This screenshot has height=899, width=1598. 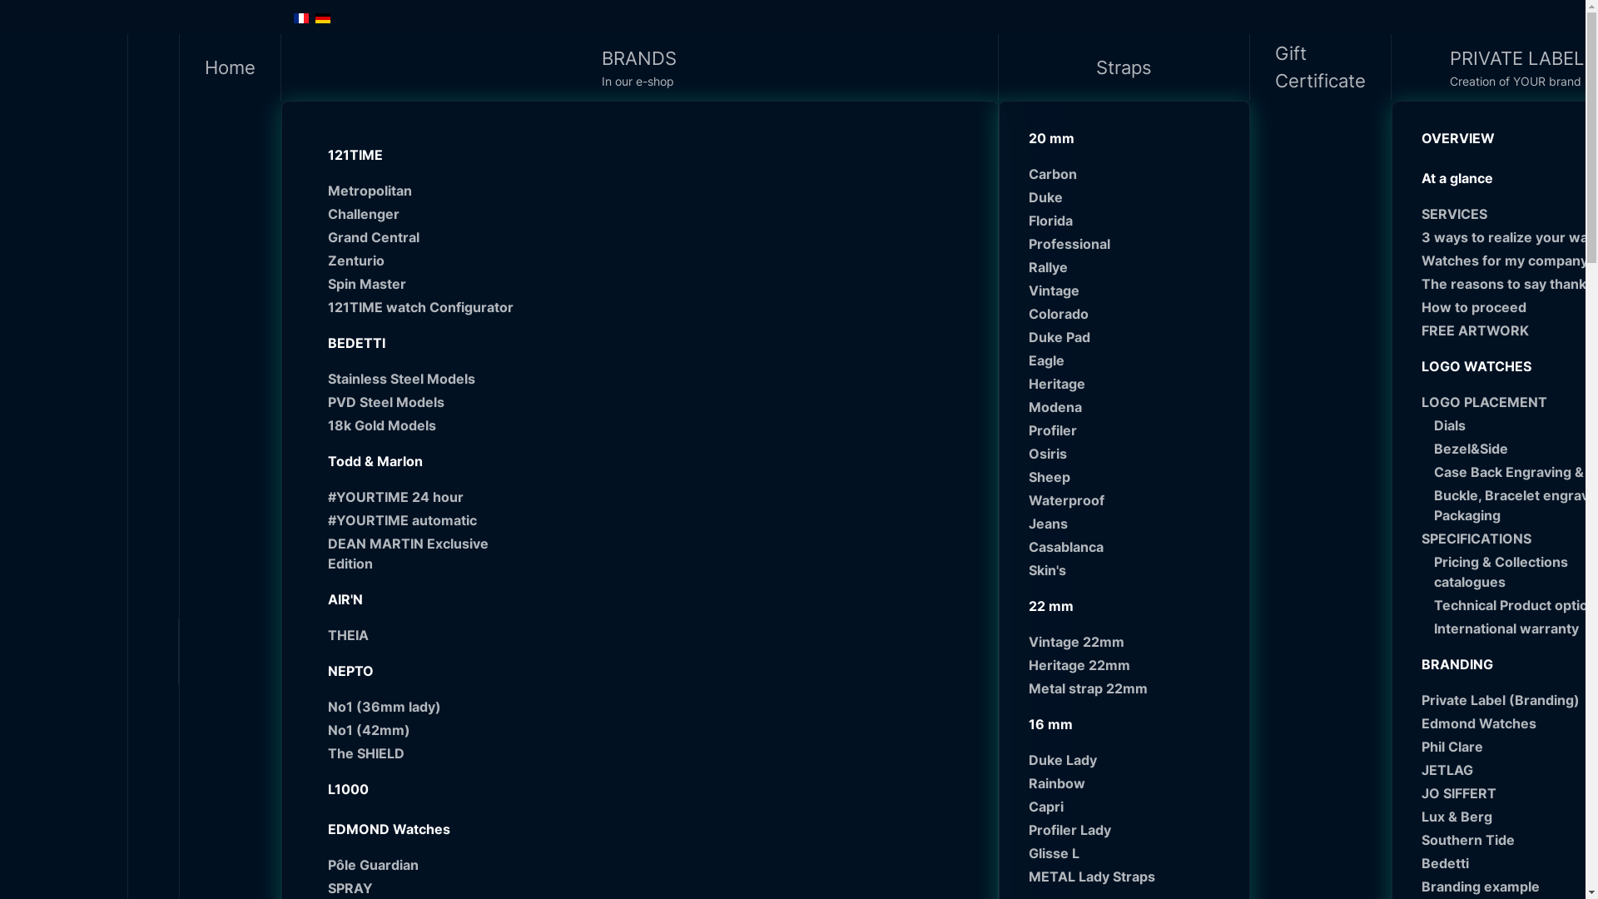 What do you see at coordinates (414, 788) in the screenshot?
I see `'L1000'` at bounding box center [414, 788].